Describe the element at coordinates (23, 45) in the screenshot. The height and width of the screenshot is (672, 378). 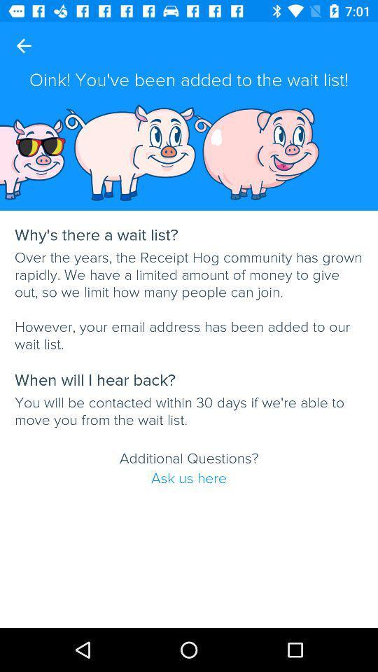
I see `the icon at the top left corner` at that location.